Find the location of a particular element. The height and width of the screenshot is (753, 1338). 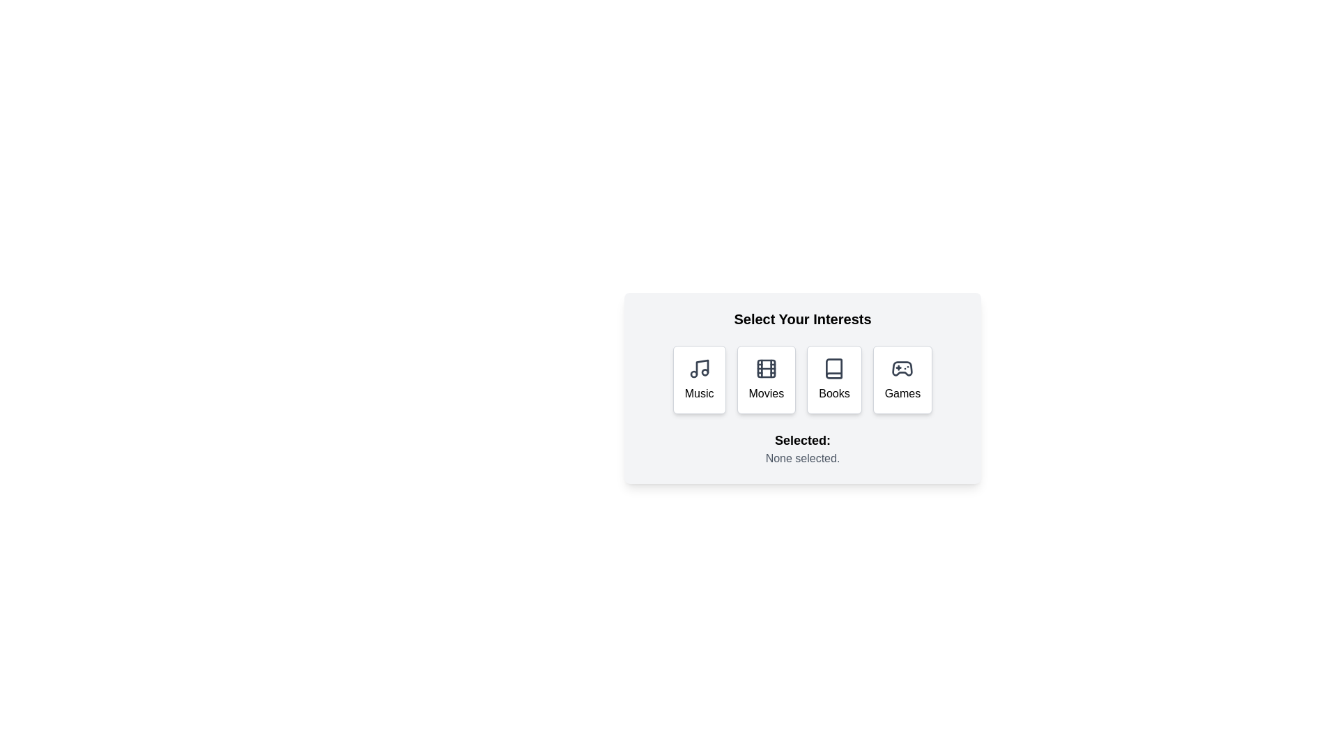

the Books button to select the corresponding interest is located at coordinates (834, 379).